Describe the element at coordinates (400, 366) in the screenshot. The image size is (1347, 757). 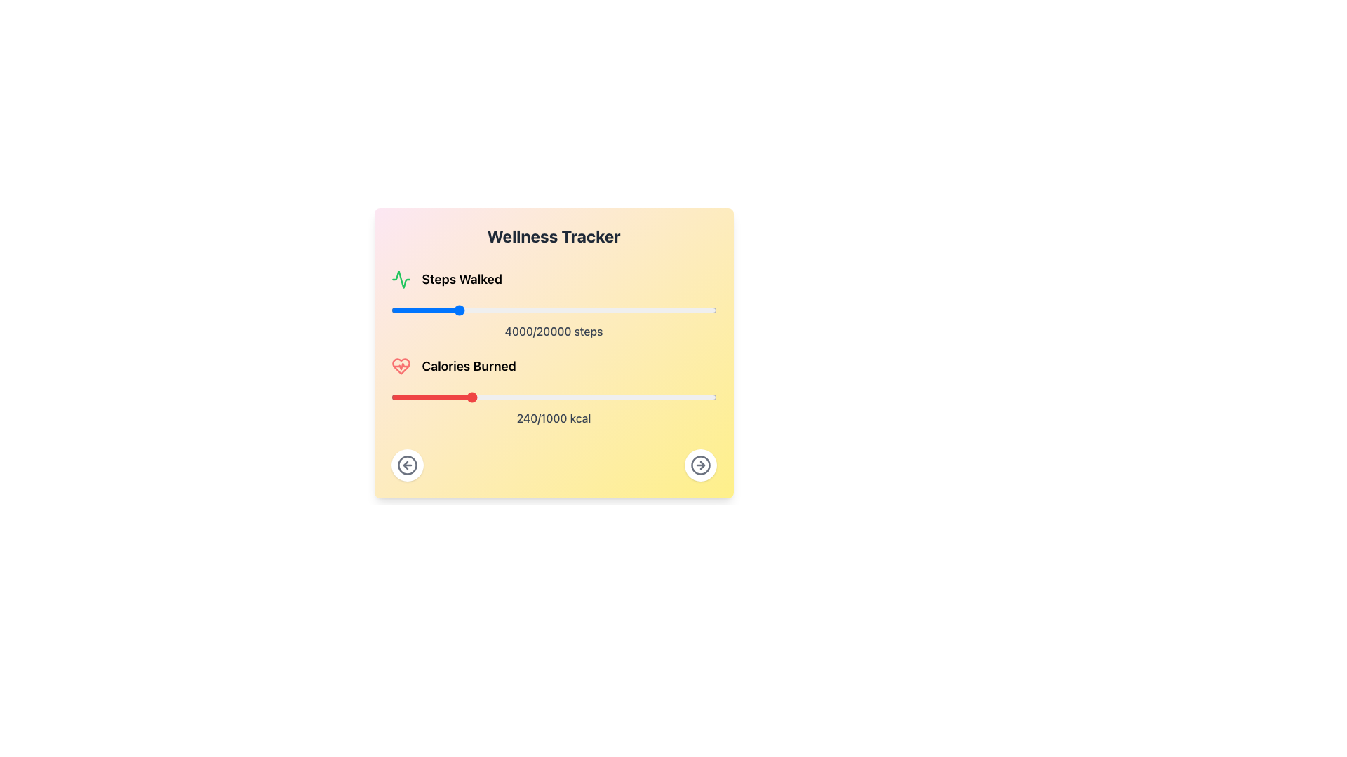
I see `the calorie tracking icon located to the left of the 'Calories Burned' text in the 'Wellness Tracker' interface` at that location.